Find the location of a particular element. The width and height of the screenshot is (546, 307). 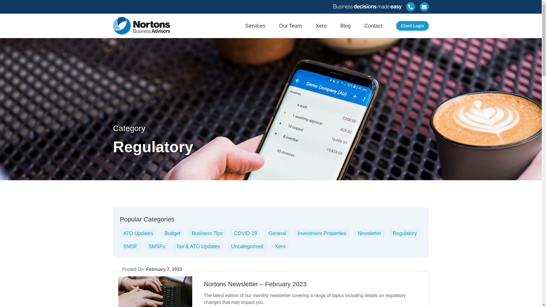

'Our Team' is located at coordinates (290, 26).